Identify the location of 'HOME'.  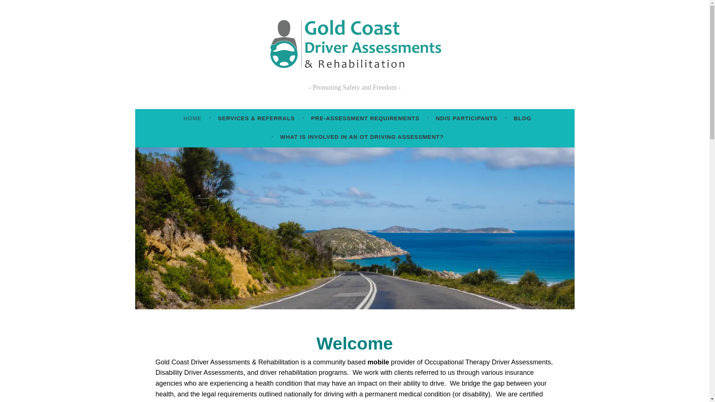
(183, 118).